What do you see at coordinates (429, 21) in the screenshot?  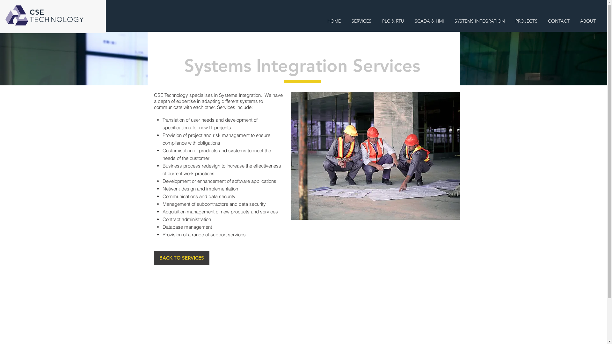 I see `'SCADA & HMI'` at bounding box center [429, 21].